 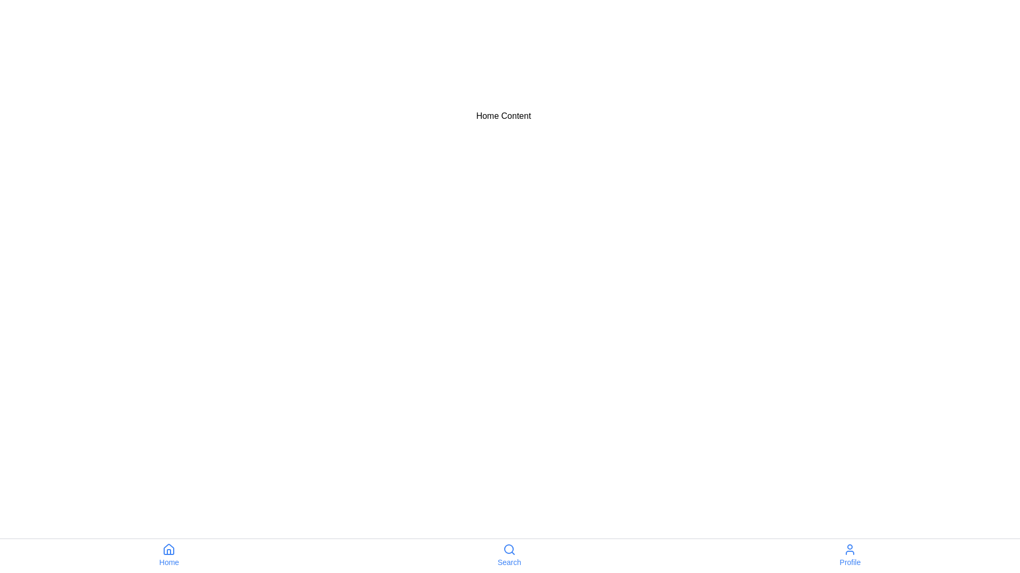 I want to click on the Circle graphic element, which represents the lens part of the magnifying glass icon in the bottom navigation bar, located directly above the 'Search' label, so click(x=508, y=549).